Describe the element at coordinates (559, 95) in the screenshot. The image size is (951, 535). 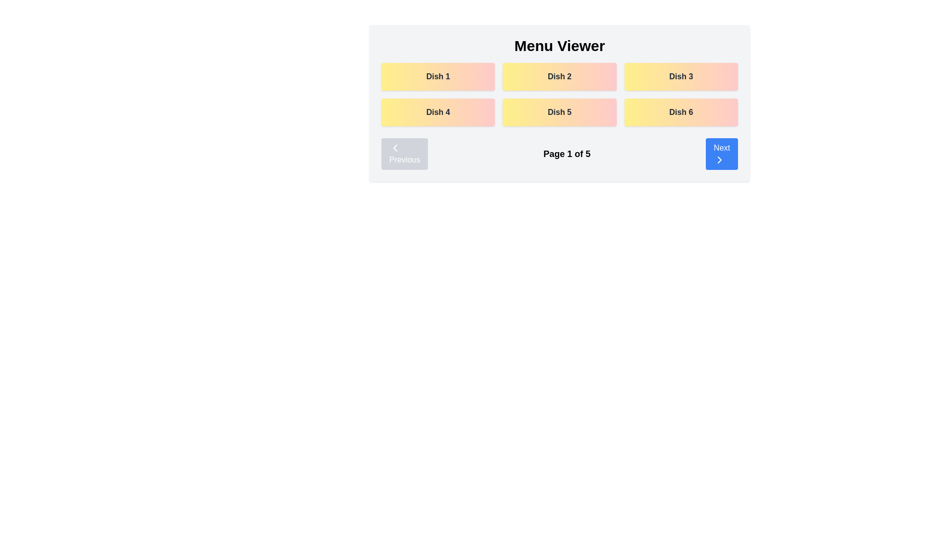
I see `the grid layout of labeled boxes displaying 'Dish 1', 'Dish 2', etc. within the 'Menu Viewer' panel` at that location.